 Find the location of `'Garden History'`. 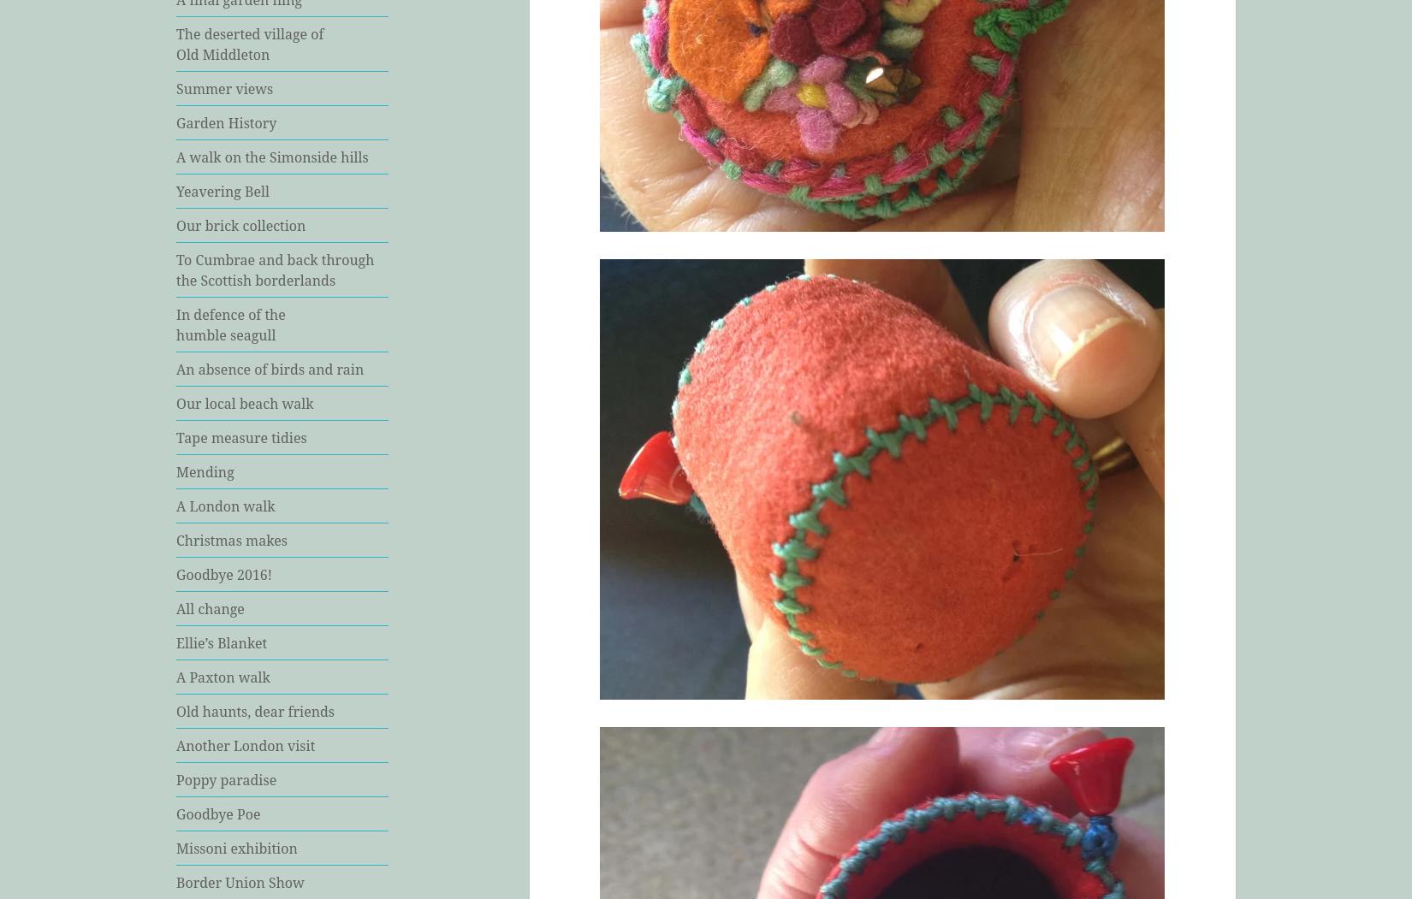

'Garden History' is located at coordinates (226, 121).